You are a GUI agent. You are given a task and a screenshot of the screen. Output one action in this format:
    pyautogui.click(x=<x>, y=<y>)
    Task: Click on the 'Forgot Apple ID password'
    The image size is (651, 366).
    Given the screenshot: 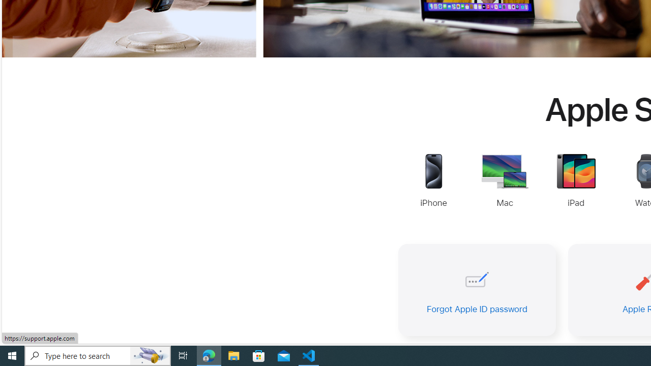 What is the action you would take?
    pyautogui.click(x=477, y=290)
    